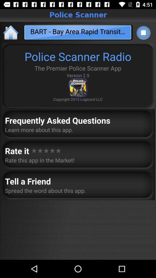 This screenshot has width=156, height=278. I want to click on item at the top right corner, so click(143, 32).